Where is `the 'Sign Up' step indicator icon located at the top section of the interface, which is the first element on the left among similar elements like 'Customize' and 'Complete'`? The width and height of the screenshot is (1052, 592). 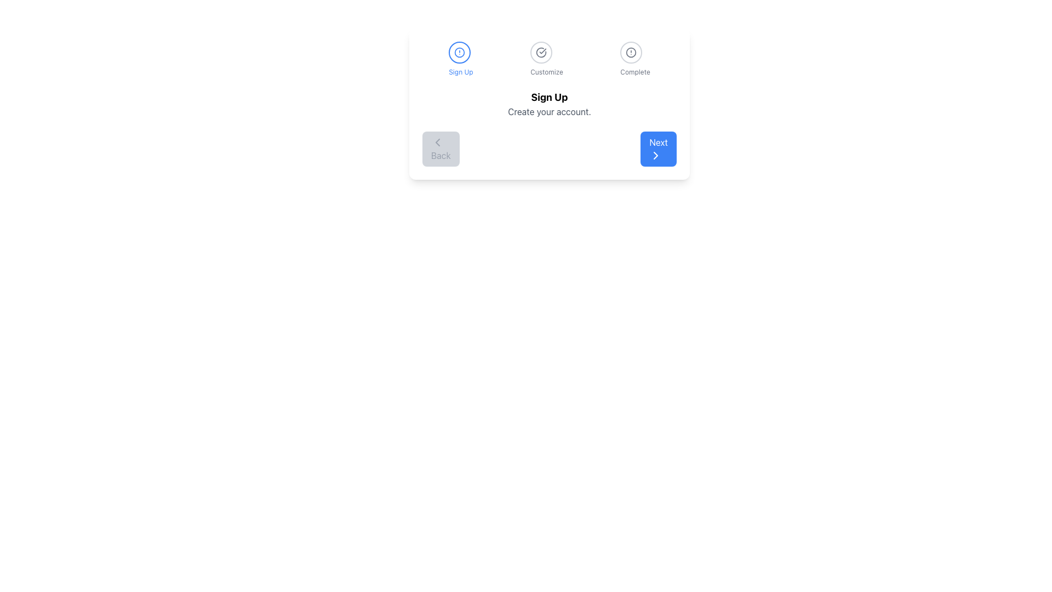 the 'Sign Up' step indicator icon located at the top section of the interface, which is the first element on the left among similar elements like 'Customize' and 'Complete' is located at coordinates (461, 59).